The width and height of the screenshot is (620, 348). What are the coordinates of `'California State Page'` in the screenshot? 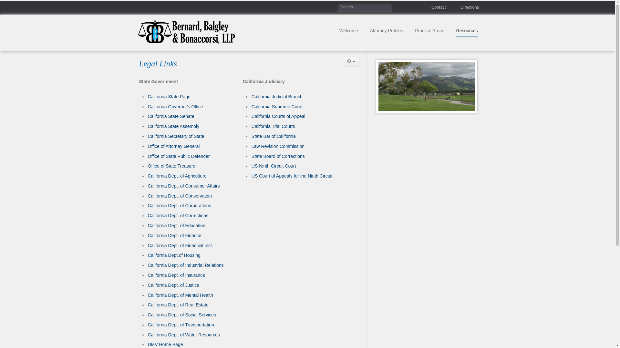 It's located at (169, 97).